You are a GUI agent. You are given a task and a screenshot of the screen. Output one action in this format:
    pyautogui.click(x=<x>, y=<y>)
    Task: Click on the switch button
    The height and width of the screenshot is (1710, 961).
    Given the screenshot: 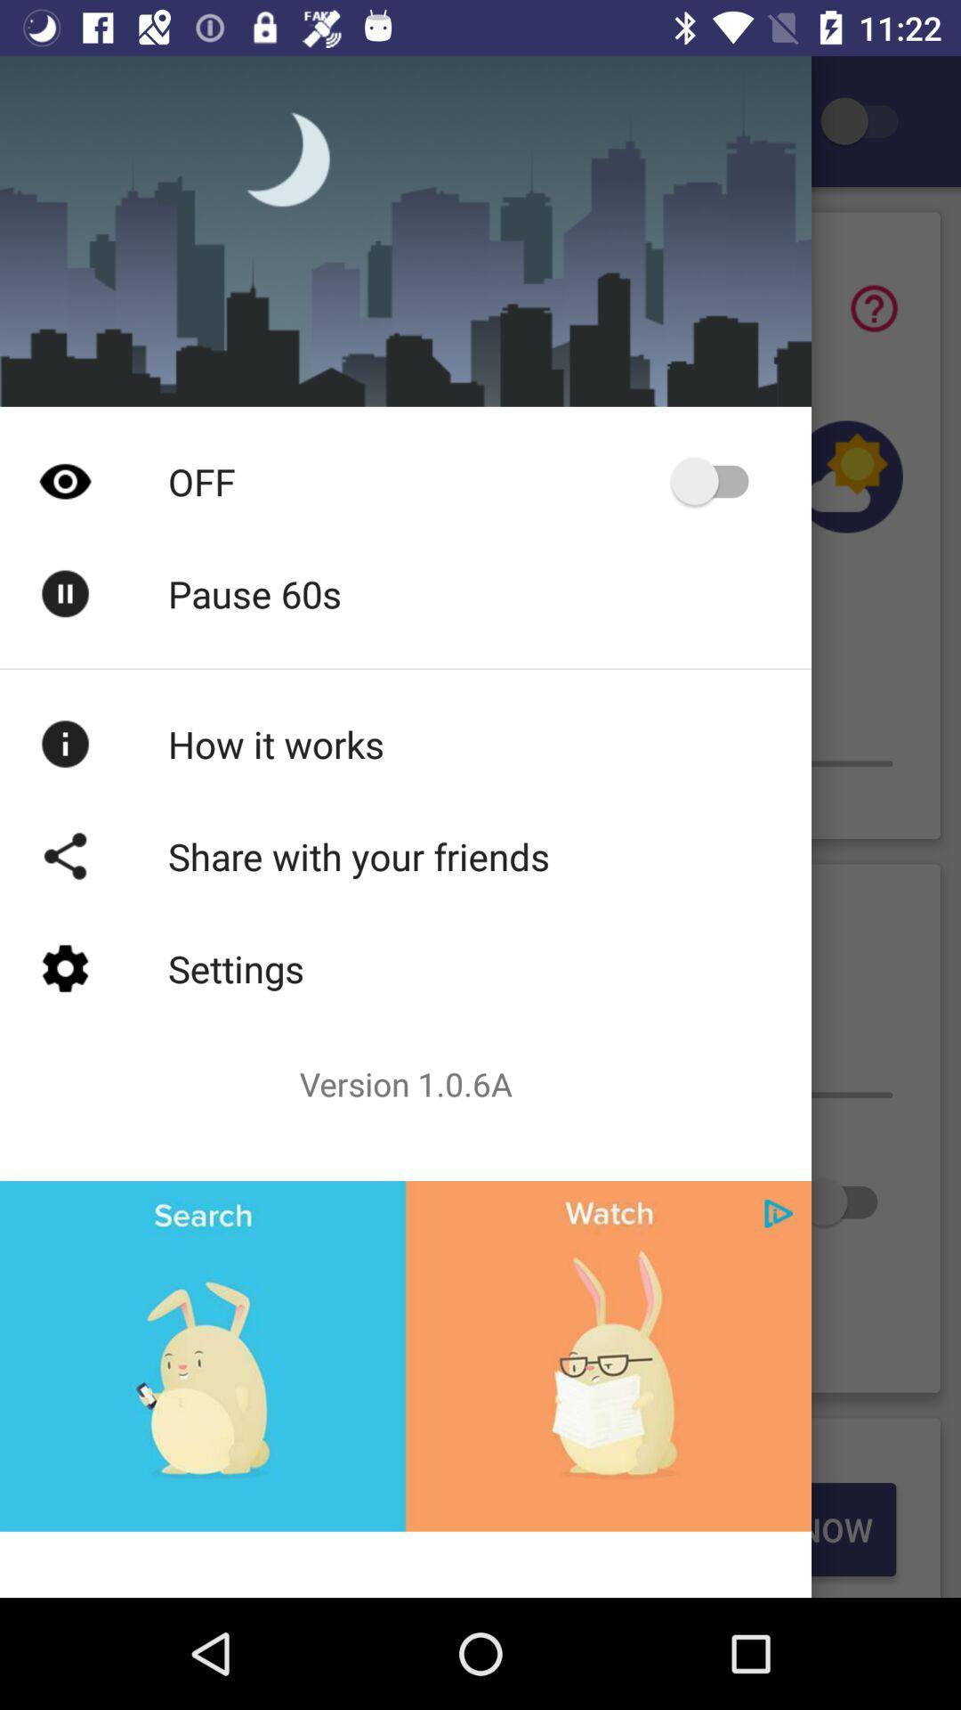 What is the action you would take?
    pyautogui.click(x=846, y=1201)
    